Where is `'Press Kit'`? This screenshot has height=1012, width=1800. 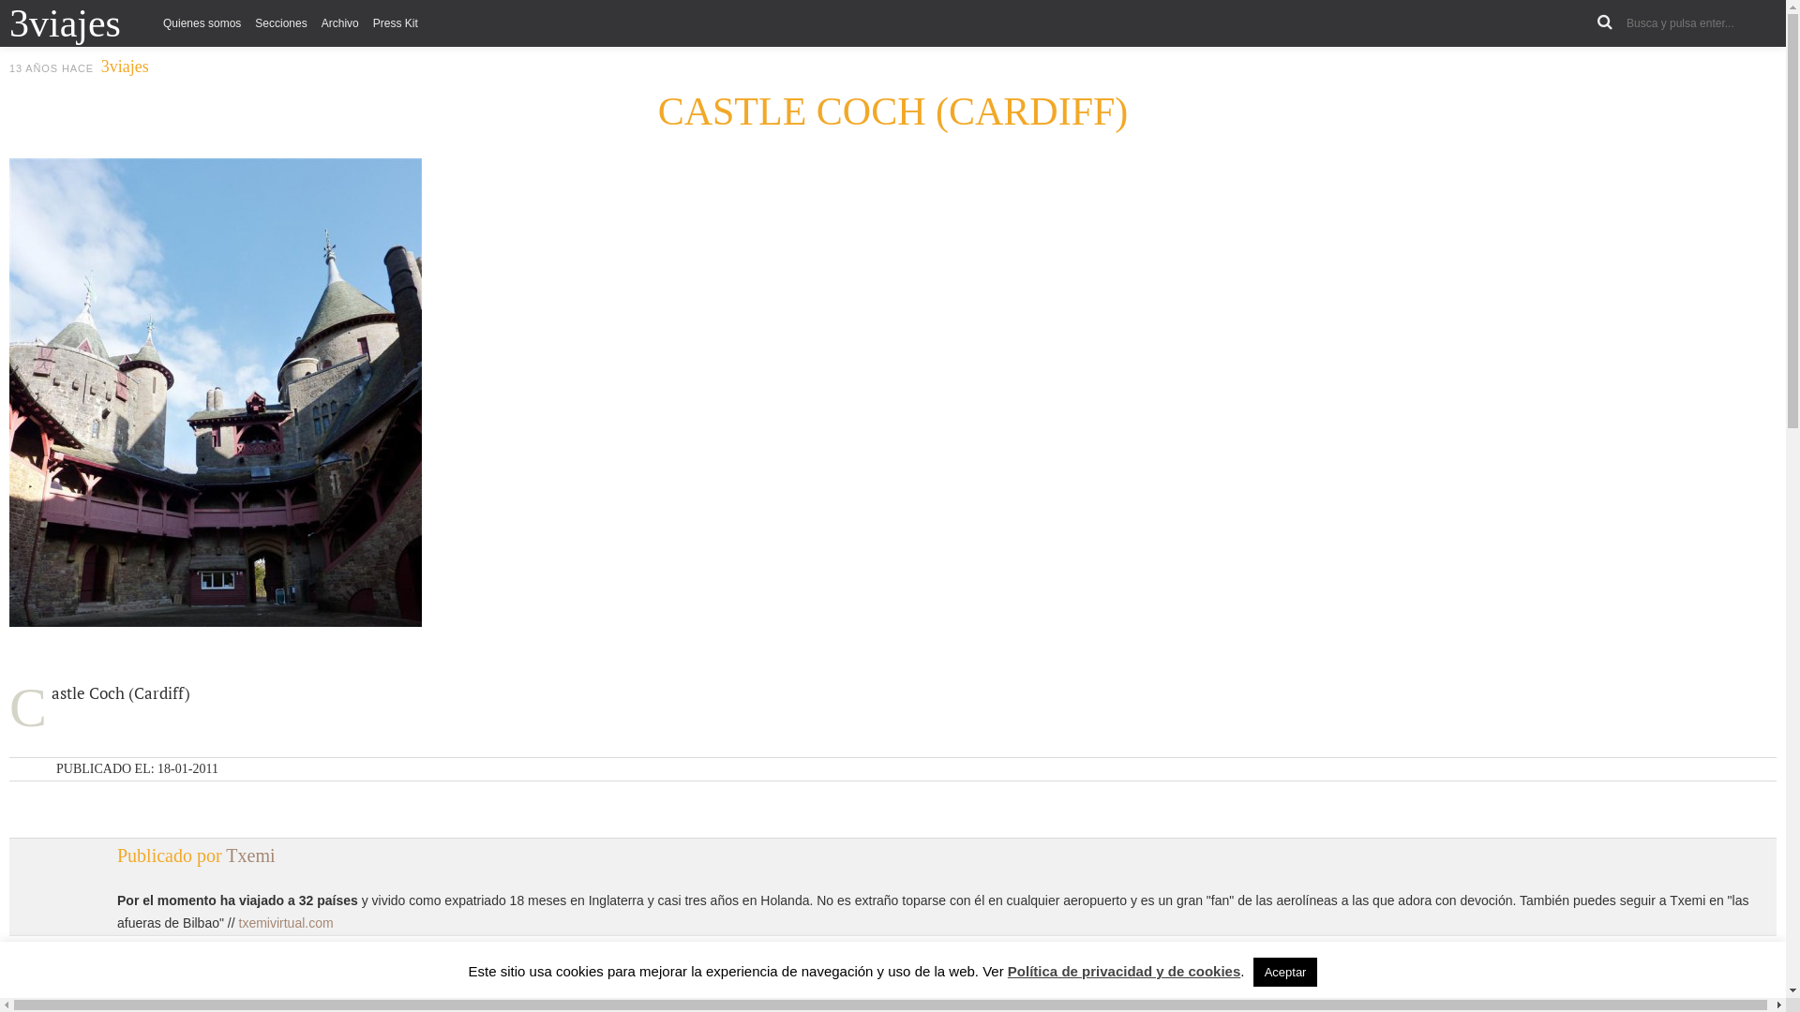 'Press Kit' is located at coordinates (395, 22).